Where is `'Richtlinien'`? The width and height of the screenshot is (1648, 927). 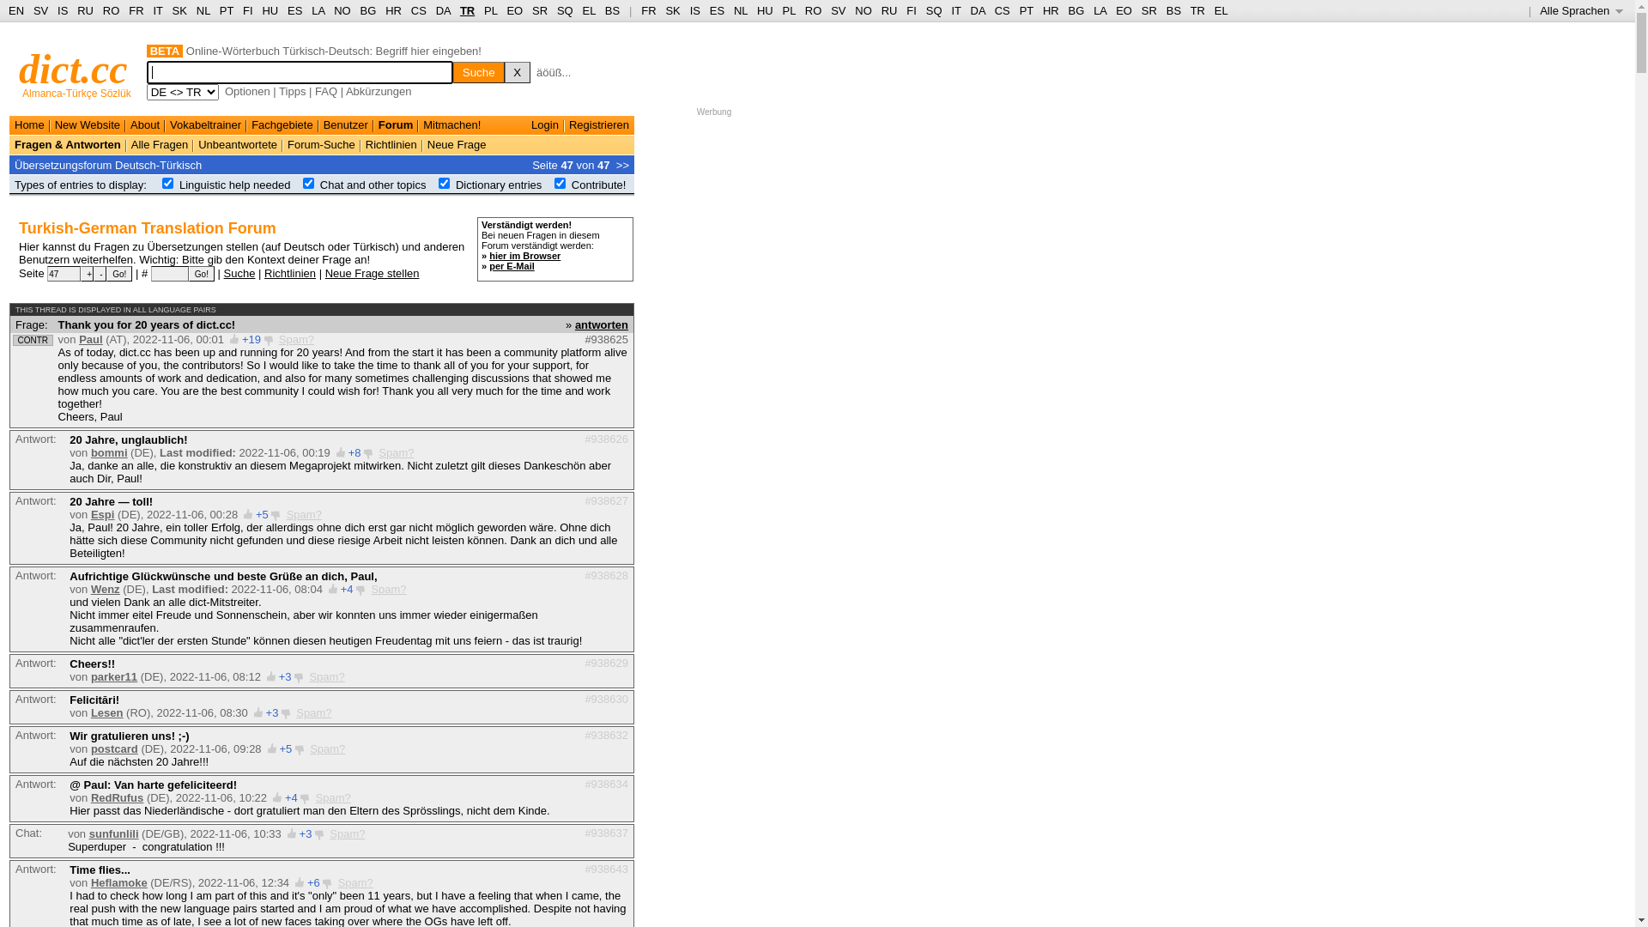
'Richtlinien' is located at coordinates (289, 271).